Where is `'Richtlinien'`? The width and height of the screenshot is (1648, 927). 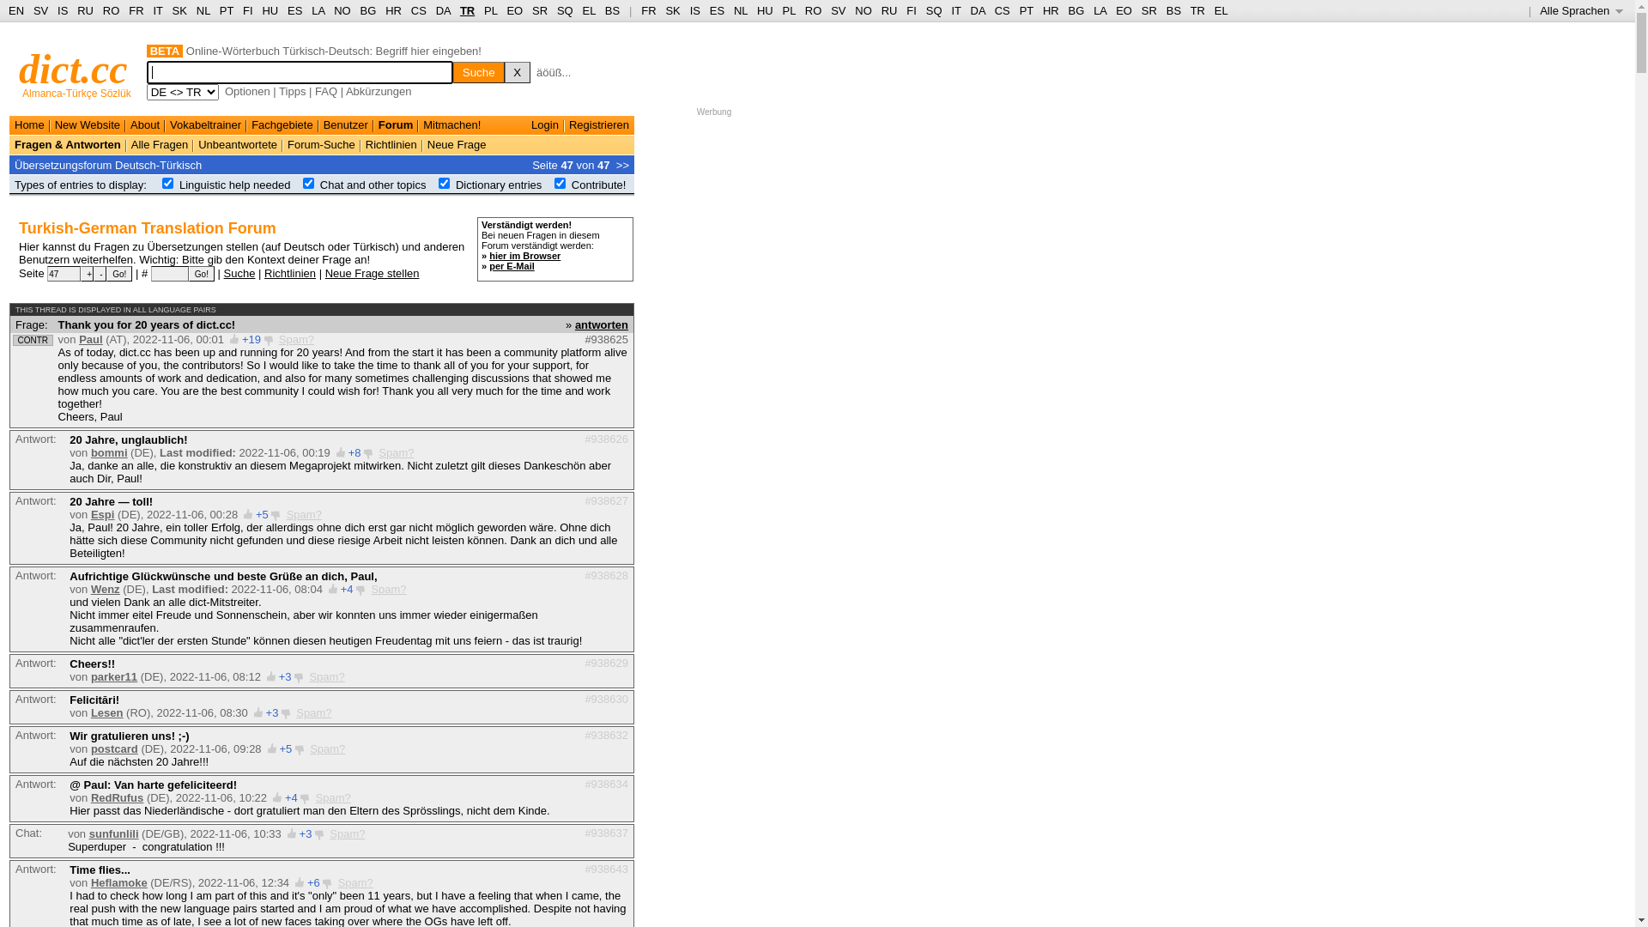
'Richtlinien' is located at coordinates (289, 271).